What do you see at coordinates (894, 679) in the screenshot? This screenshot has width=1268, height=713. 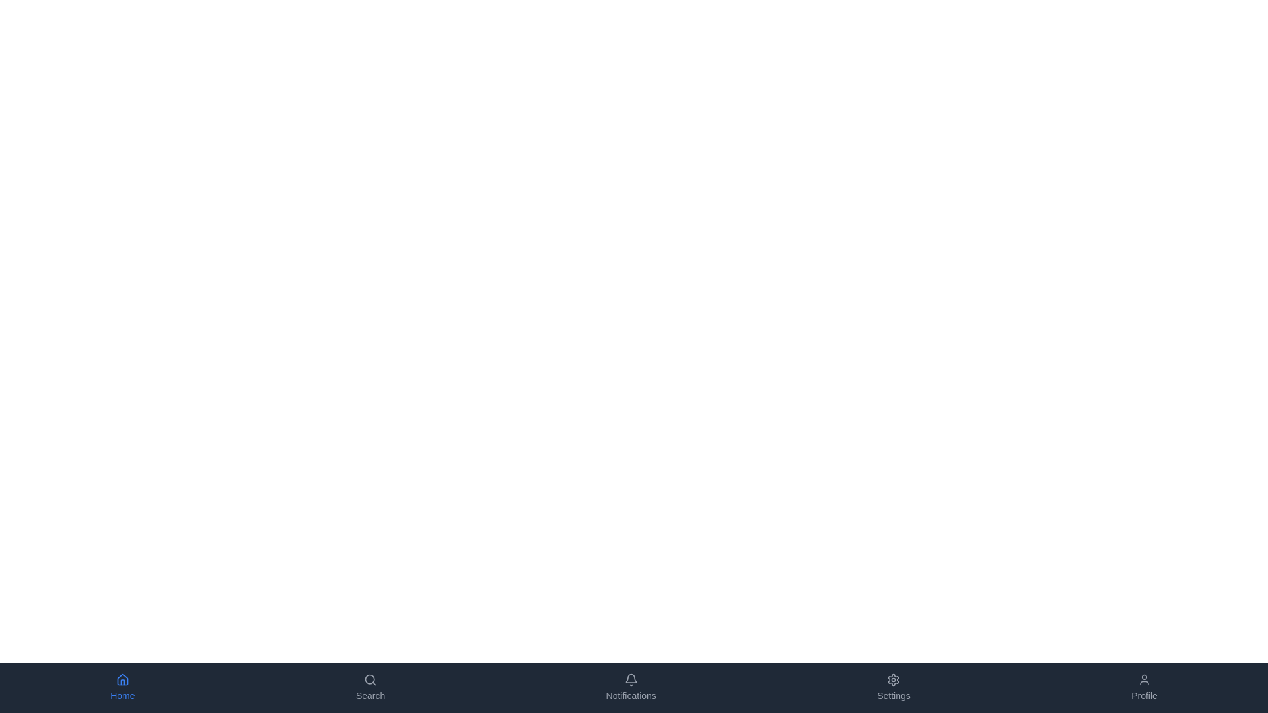 I see `the 'Settings' gear icon located in the bottom navigation bar` at bounding box center [894, 679].